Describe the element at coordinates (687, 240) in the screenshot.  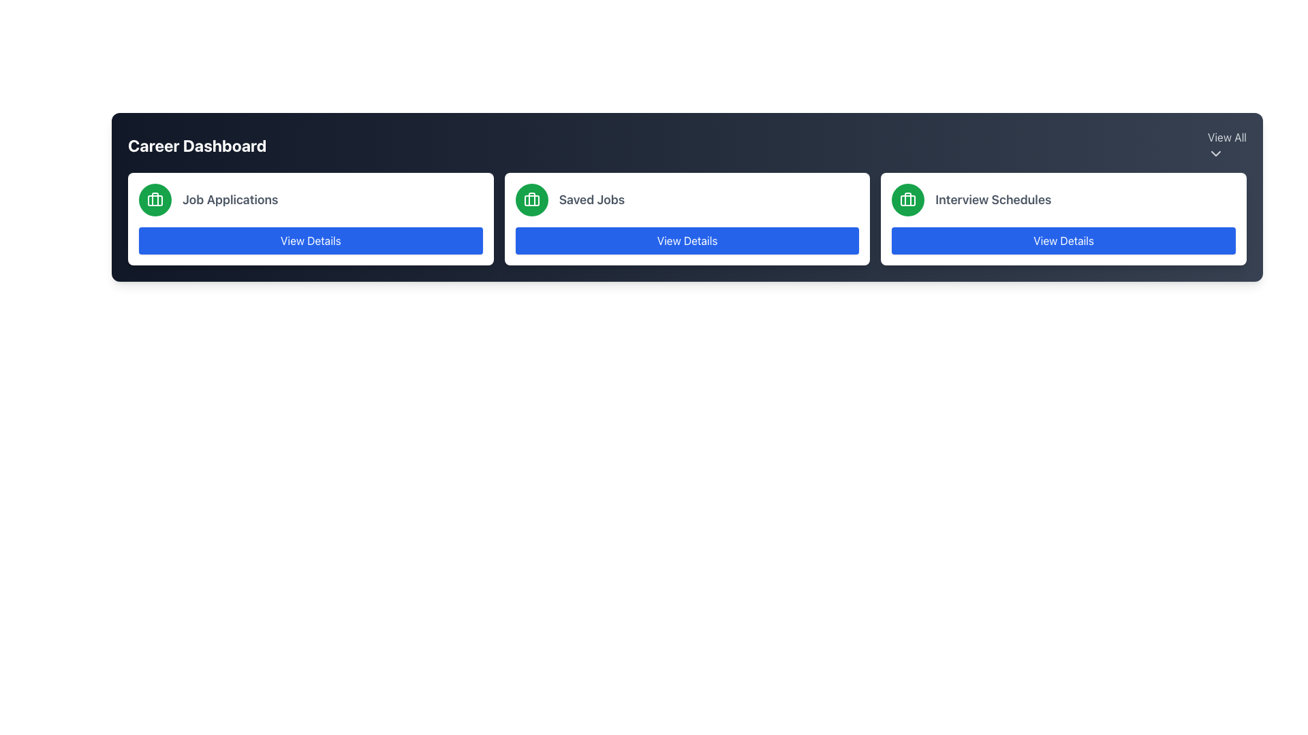
I see `the blue 'View Details' button located at the bottom of the 'Saved Jobs' box` at that location.